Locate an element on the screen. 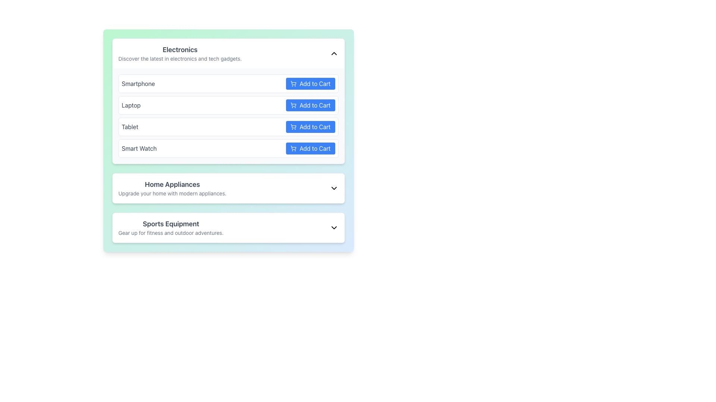  the 'Sports Equipment' Text Label, which serves as a heading indicating the category within the interface is located at coordinates (170, 223).